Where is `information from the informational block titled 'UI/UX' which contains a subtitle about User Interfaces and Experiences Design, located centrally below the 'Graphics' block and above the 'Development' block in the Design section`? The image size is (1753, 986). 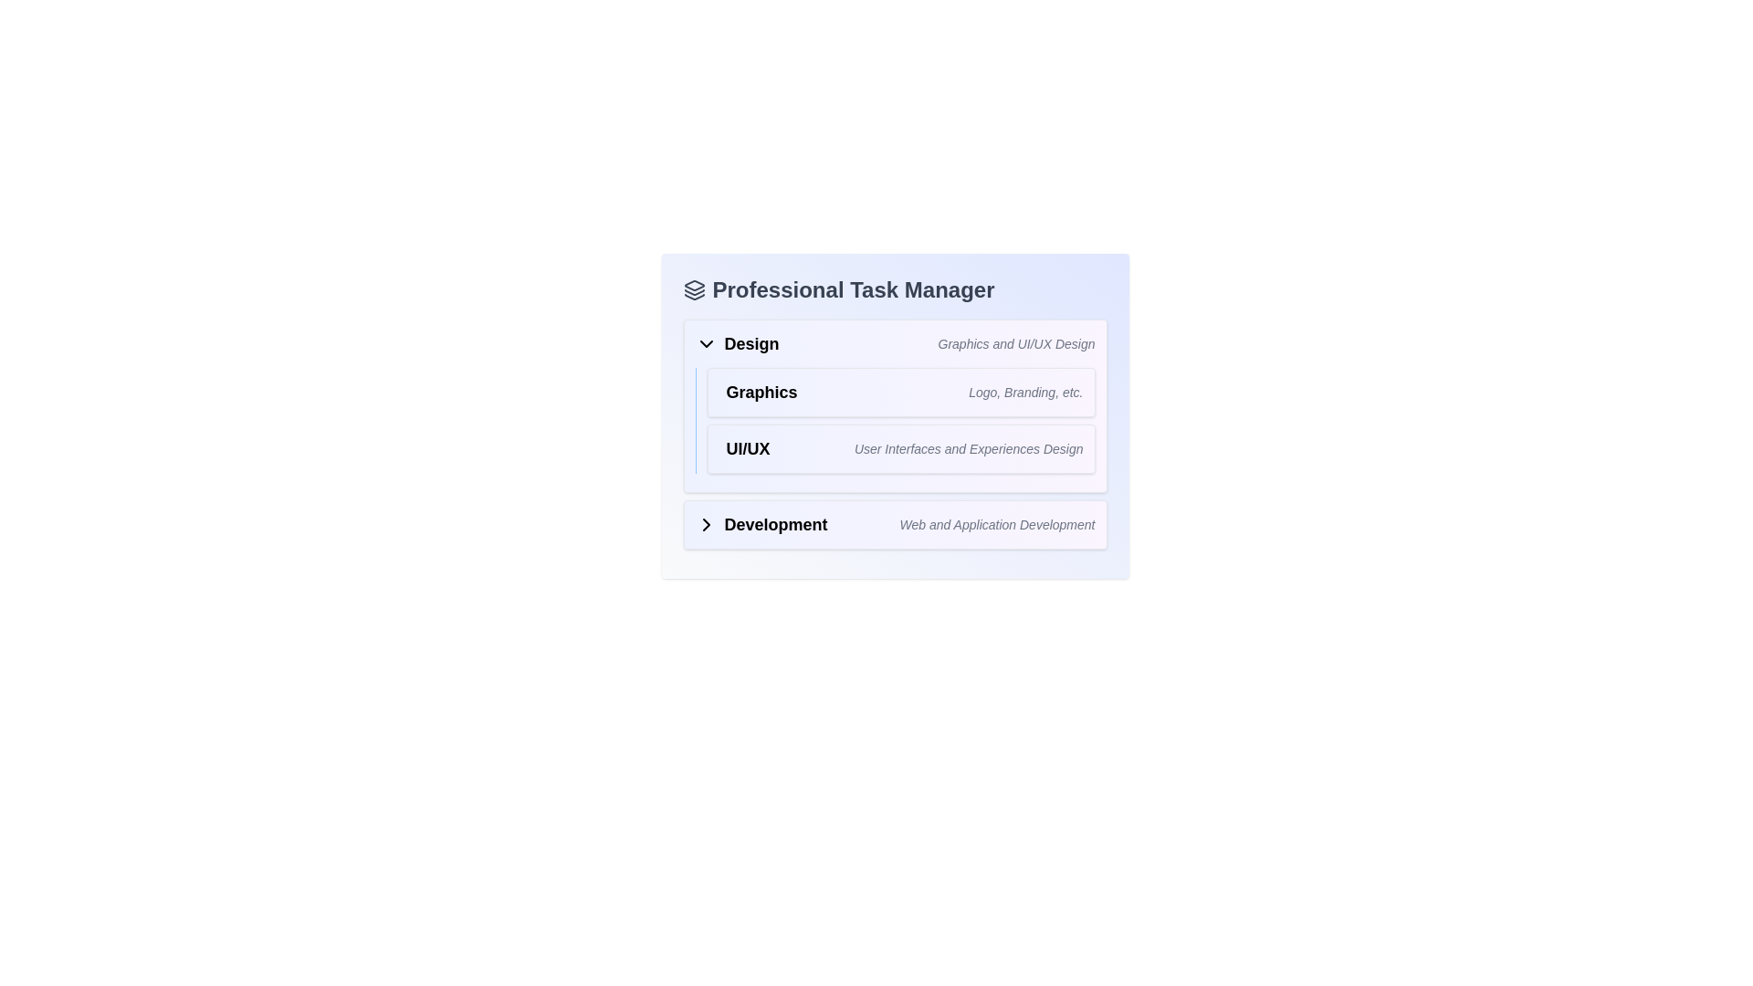 information from the informational block titled 'UI/UX' which contains a subtitle about User Interfaces and Experiences Design, located centrally below the 'Graphics' block and above the 'Development' block in the Design section is located at coordinates (895, 434).